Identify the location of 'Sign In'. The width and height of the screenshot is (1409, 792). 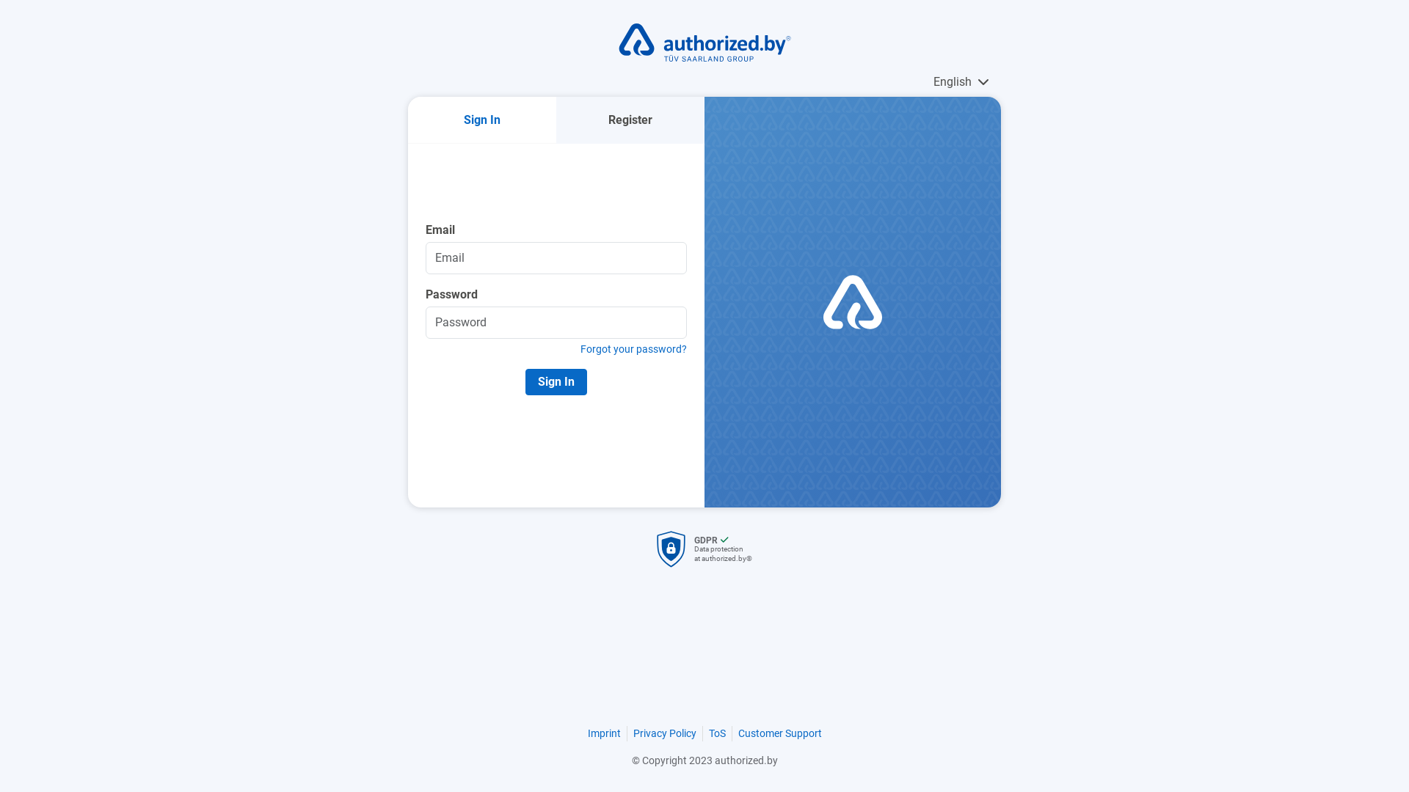
(556, 381).